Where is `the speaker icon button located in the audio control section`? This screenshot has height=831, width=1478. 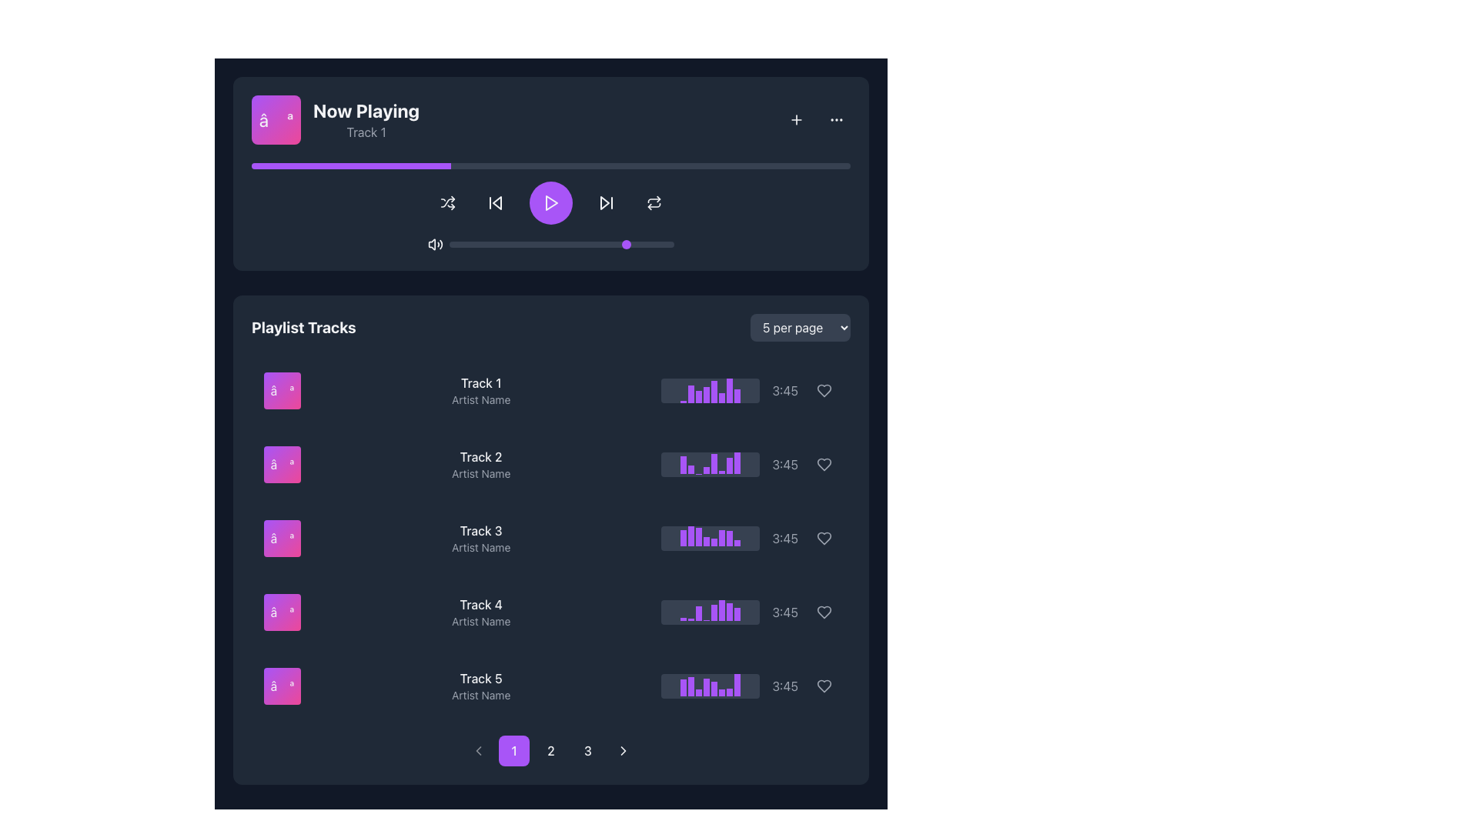 the speaker icon button located in the audio control section is located at coordinates (435, 243).